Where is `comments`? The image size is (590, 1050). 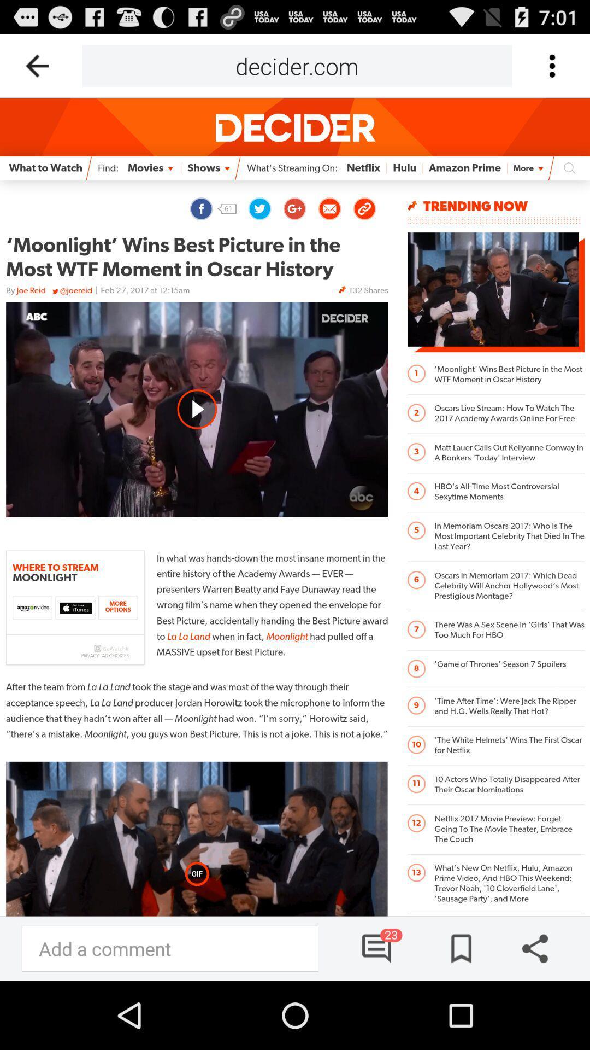 comments is located at coordinates (377, 948).